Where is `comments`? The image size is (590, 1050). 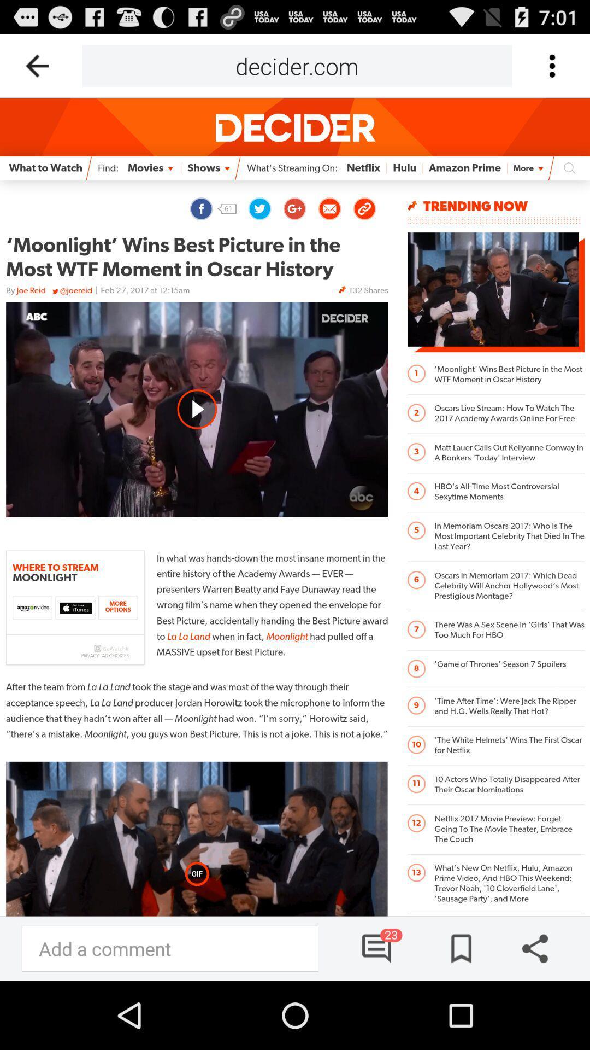 comments is located at coordinates (377, 948).